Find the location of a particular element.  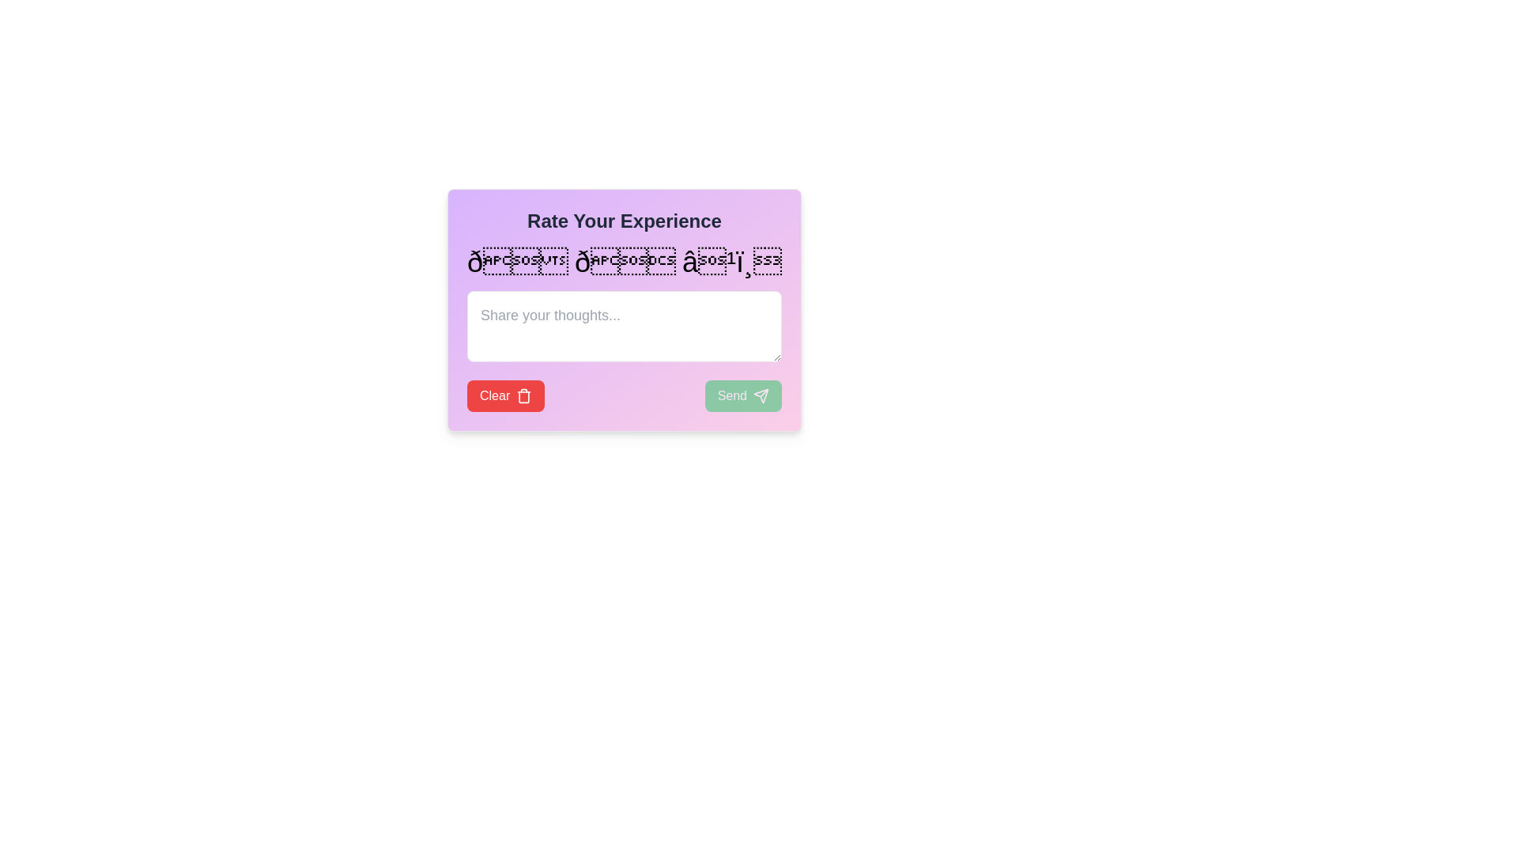

the 'Send' icon, which visually indicates the action of sending or submitting content, located in the bottom-right corner of the user interface dialog box is located at coordinates (761, 395).